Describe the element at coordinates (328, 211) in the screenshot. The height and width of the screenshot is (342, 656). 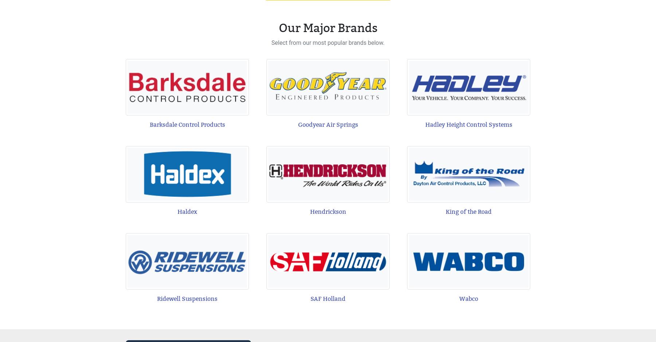
I see `'Hendrickson'` at that location.